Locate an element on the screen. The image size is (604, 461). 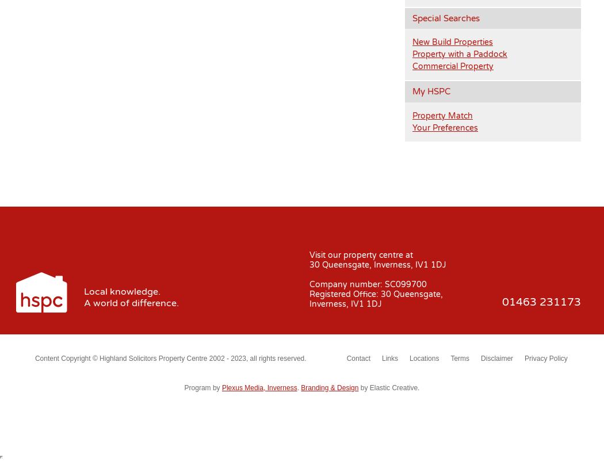
'Branding & Design' is located at coordinates (300, 387).